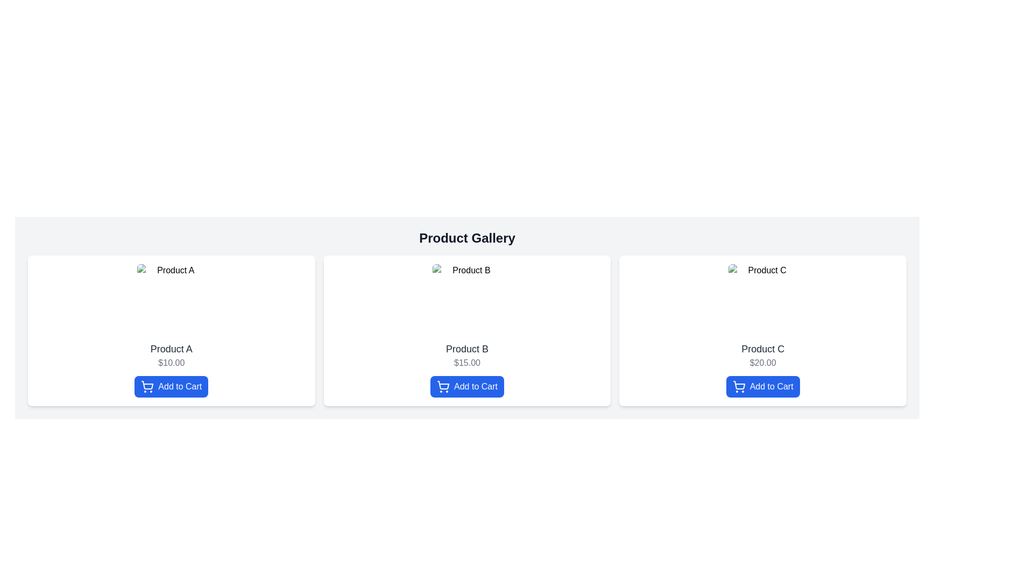 The image size is (1033, 581). I want to click on text from the text label displaying 'Product A' in bold dark gray font, located centrally within the first product card above the price label '$10.00', so click(171, 349).